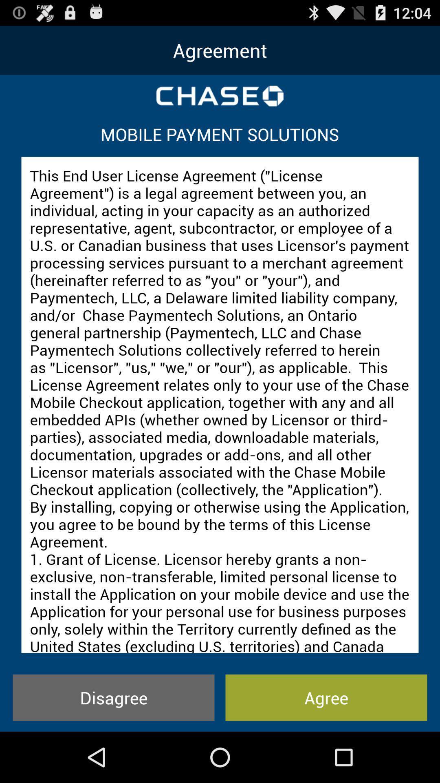 Image resolution: width=440 pixels, height=783 pixels. Describe the element at coordinates (113, 697) in the screenshot. I see `item below the this end user icon` at that location.